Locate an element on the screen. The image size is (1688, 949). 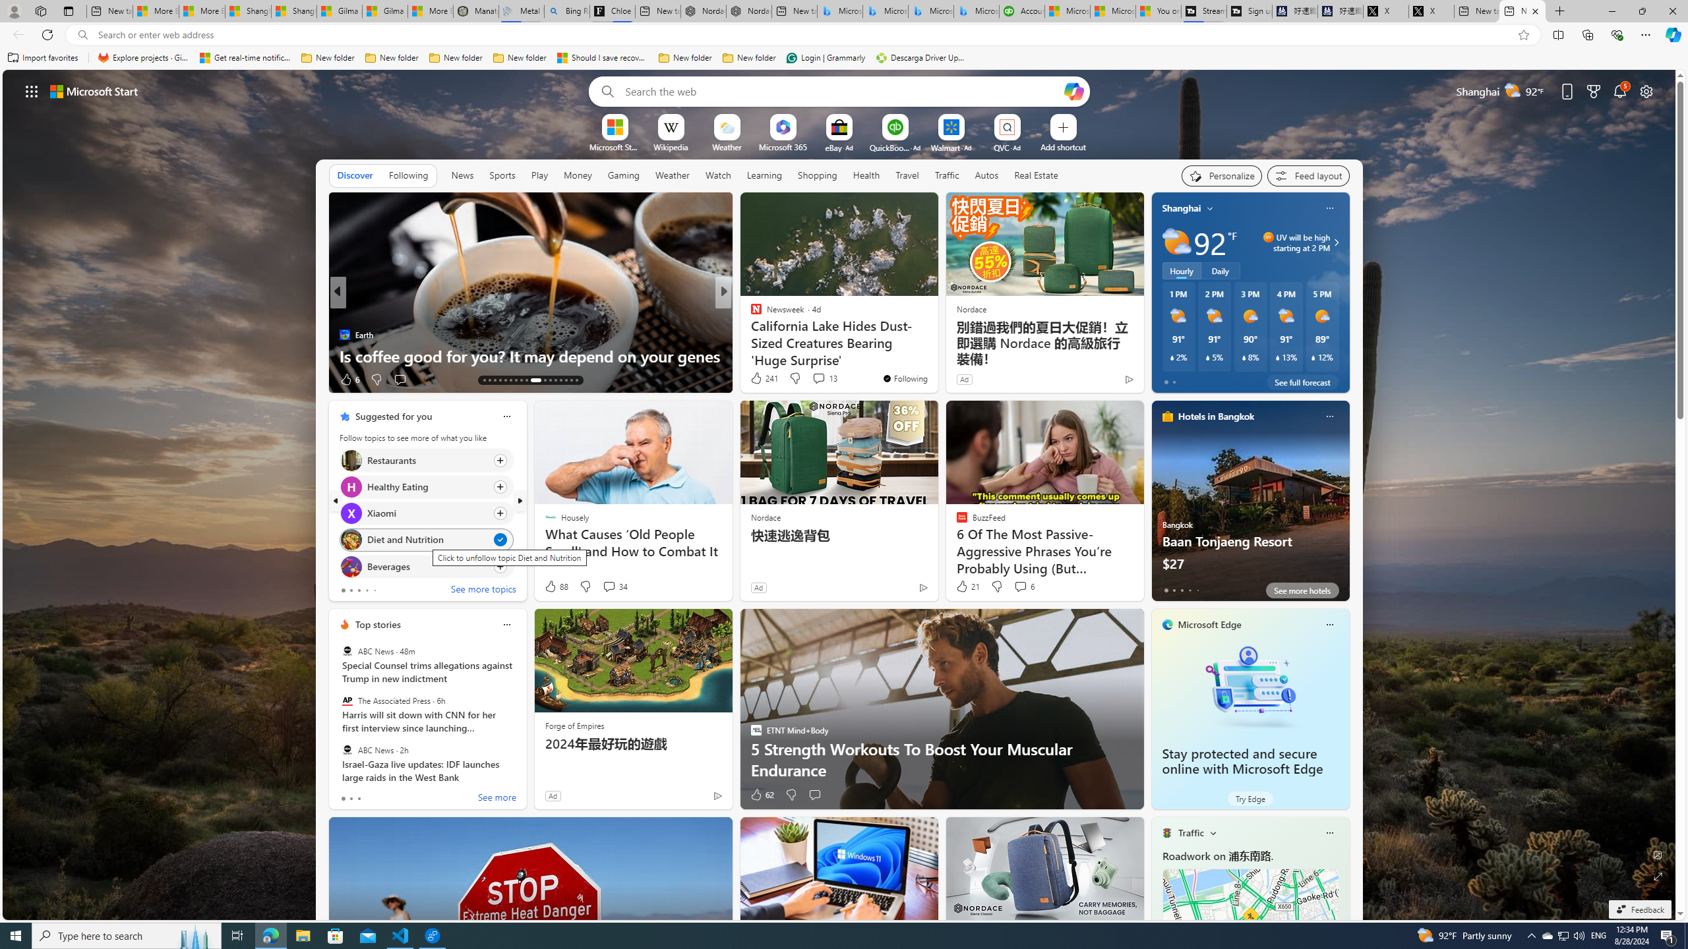
'Edit Background' is located at coordinates (1658, 853).